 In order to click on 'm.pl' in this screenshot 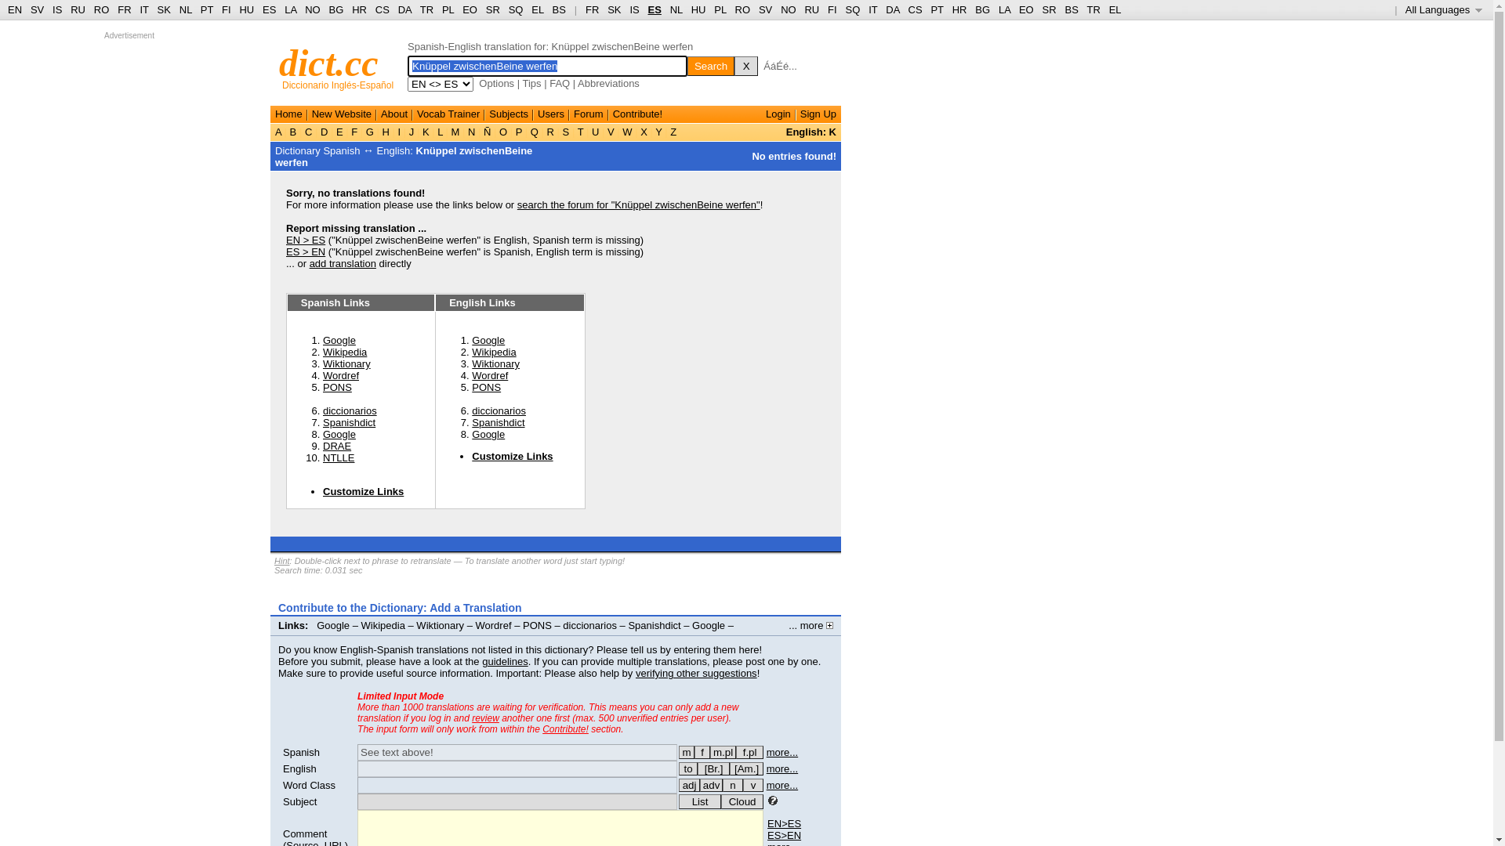, I will do `click(722, 751)`.